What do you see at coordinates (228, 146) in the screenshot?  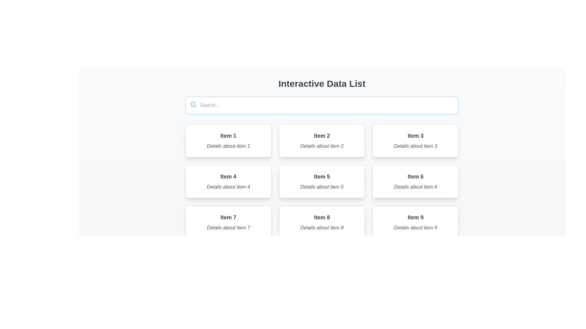 I see `descriptive text located under the heading 'Item 1' in the top-left card of the grid layout` at bounding box center [228, 146].